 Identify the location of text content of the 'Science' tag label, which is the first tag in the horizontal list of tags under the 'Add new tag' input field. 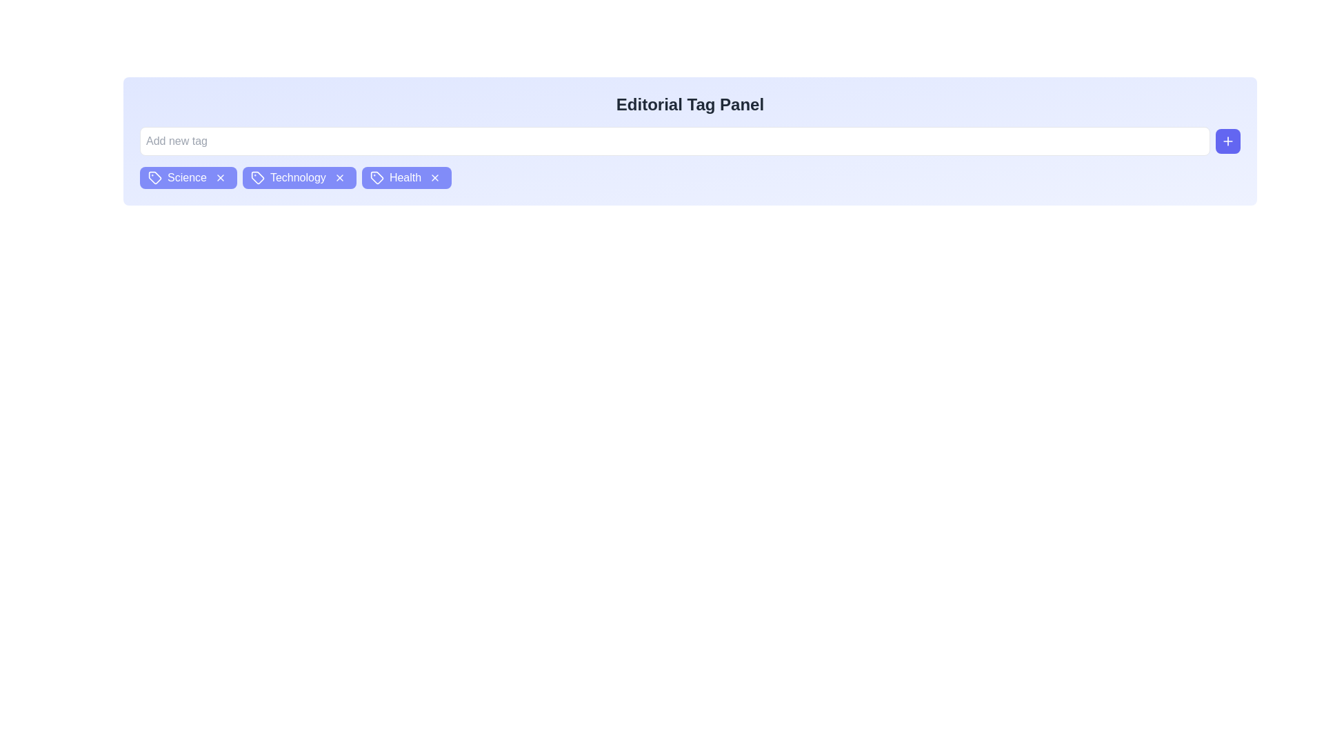
(186, 177).